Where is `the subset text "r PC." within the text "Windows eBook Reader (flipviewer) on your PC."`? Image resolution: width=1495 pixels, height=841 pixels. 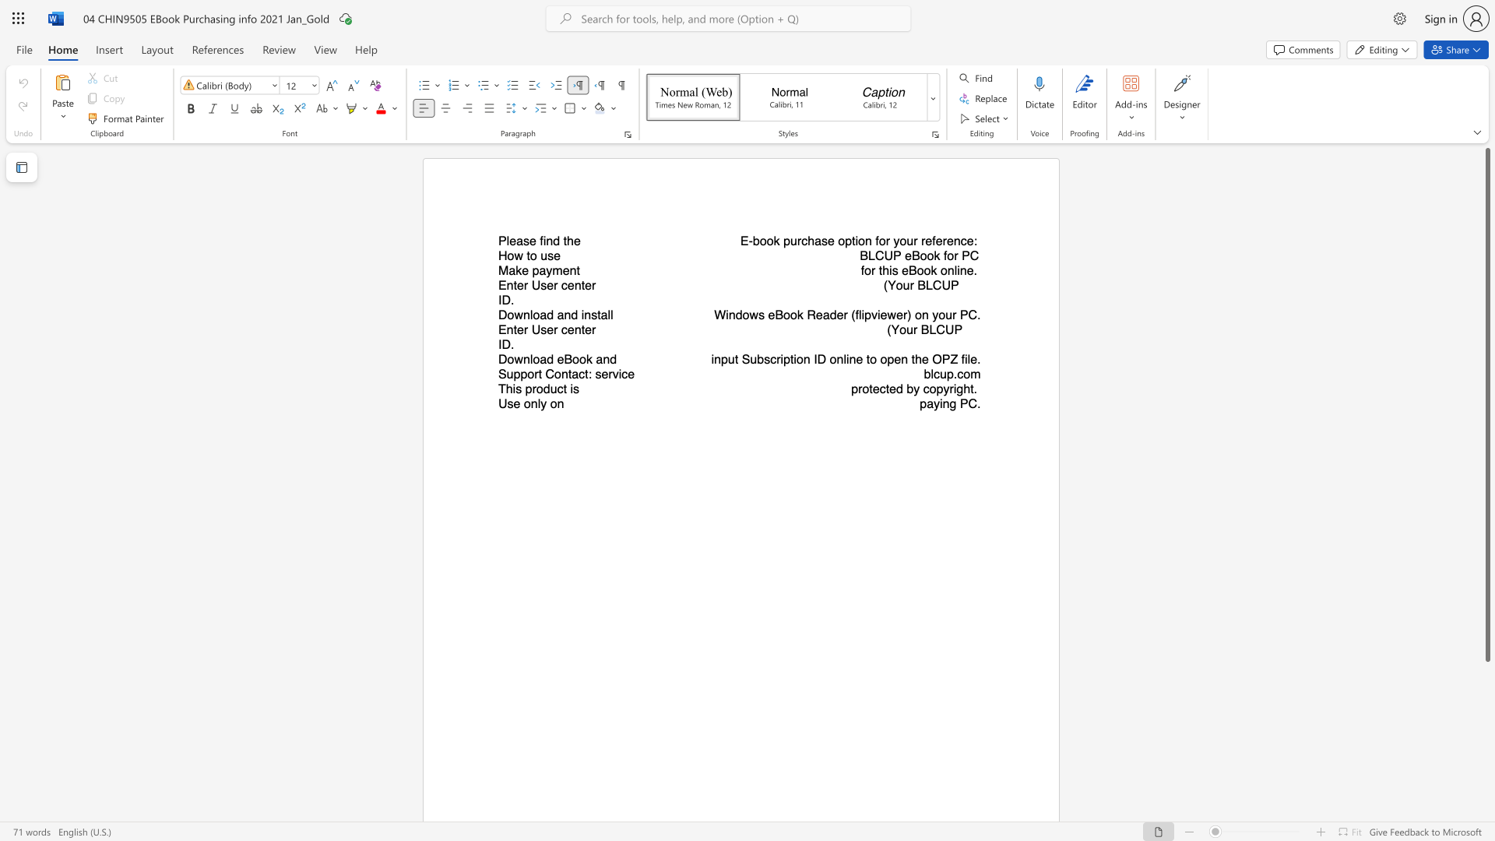
the subset text "r PC." within the text "Windows eBook Reader (flipviewer) on your PC." is located at coordinates (952, 315).